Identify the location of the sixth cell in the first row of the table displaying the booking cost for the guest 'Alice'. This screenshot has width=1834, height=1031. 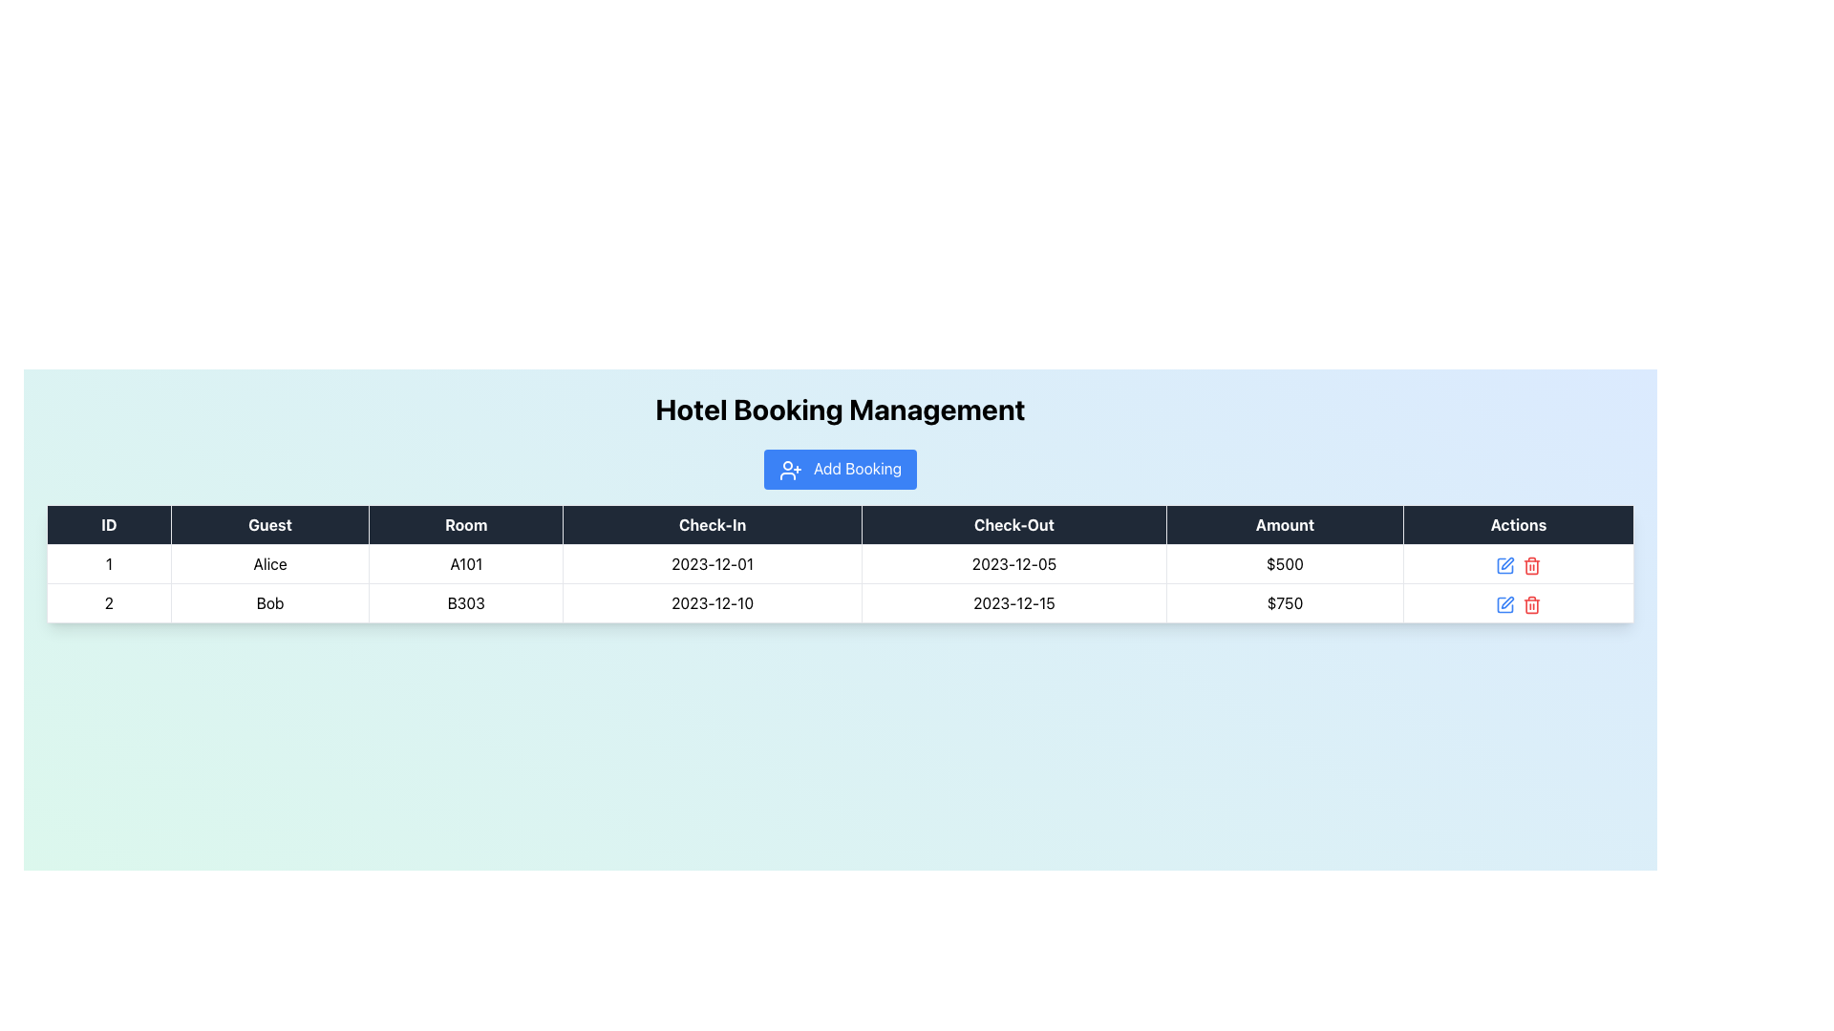
(1285, 562).